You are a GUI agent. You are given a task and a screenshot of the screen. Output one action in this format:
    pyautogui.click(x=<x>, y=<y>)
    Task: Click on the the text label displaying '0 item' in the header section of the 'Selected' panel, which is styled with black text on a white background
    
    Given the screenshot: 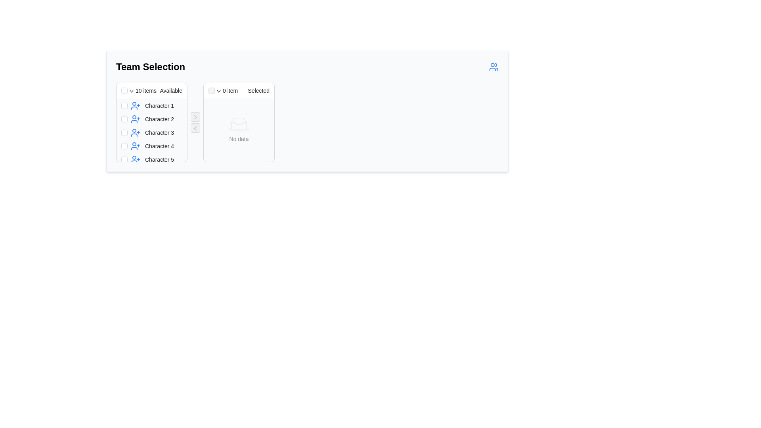 What is the action you would take?
    pyautogui.click(x=229, y=90)
    